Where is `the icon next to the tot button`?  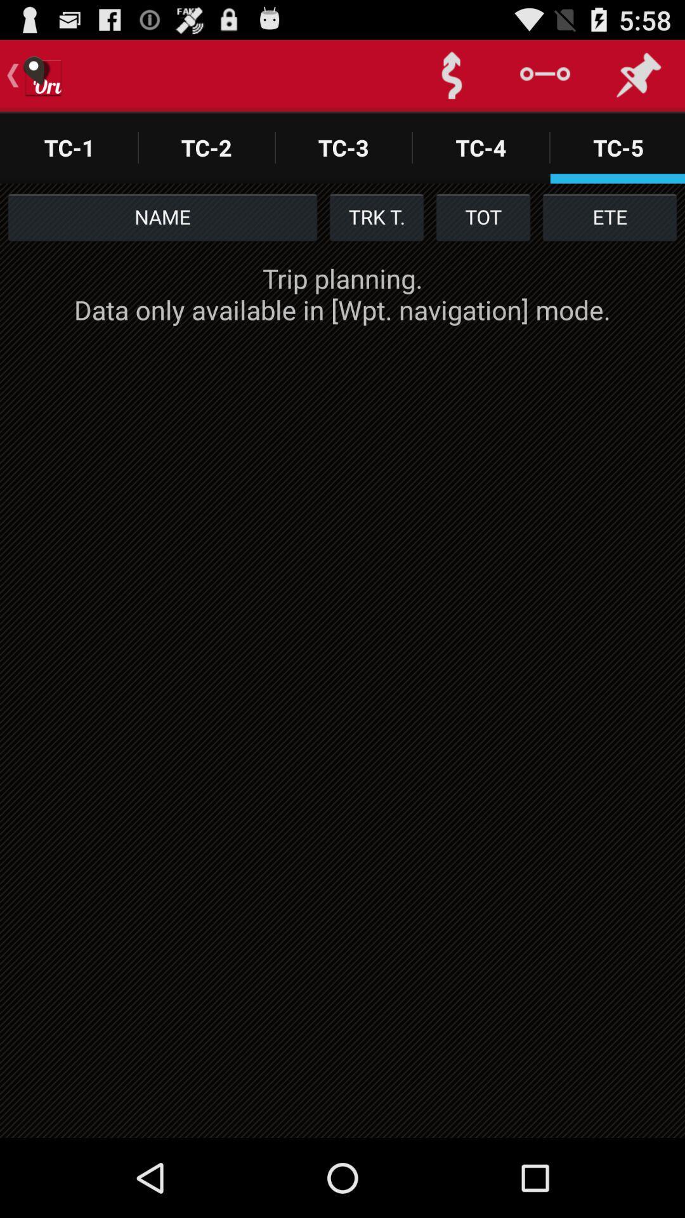 the icon next to the tot button is located at coordinates (376, 216).